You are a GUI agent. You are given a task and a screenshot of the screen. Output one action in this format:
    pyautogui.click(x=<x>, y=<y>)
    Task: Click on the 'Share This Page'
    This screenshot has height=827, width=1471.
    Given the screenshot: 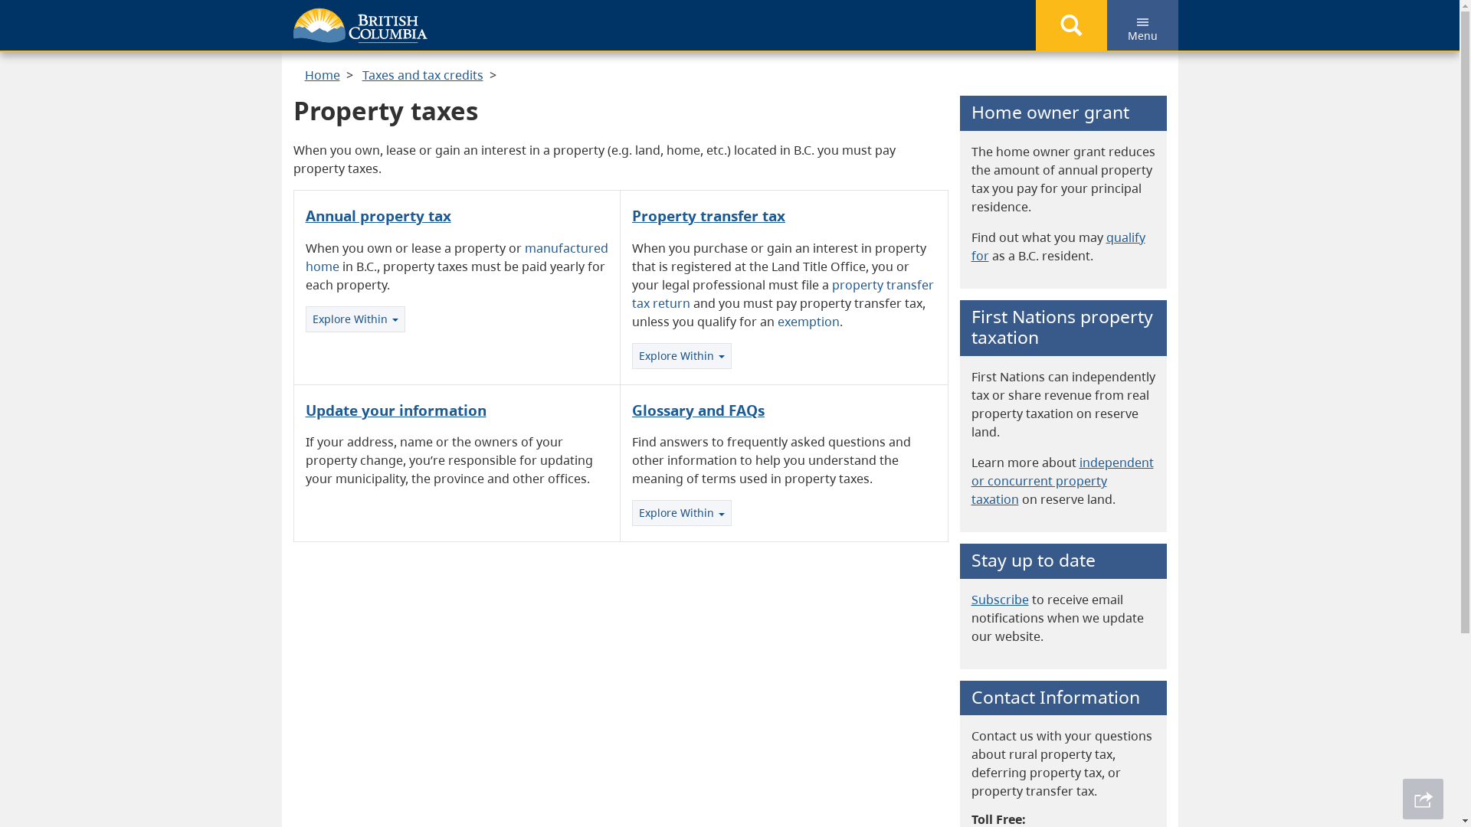 What is the action you would take?
    pyautogui.click(x=1422, y=798)
    